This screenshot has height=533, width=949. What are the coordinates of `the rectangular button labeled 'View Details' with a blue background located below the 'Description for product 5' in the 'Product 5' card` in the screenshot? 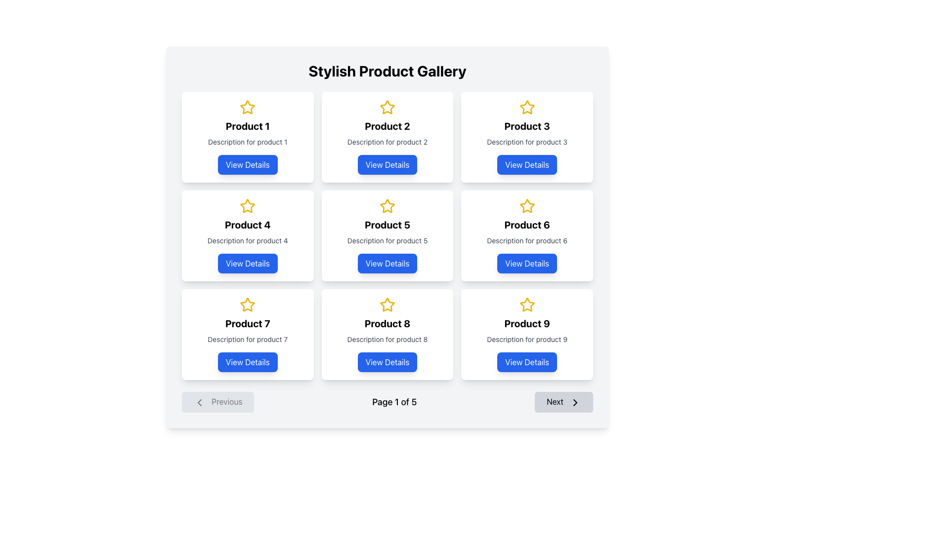 It's located at (387, 263).